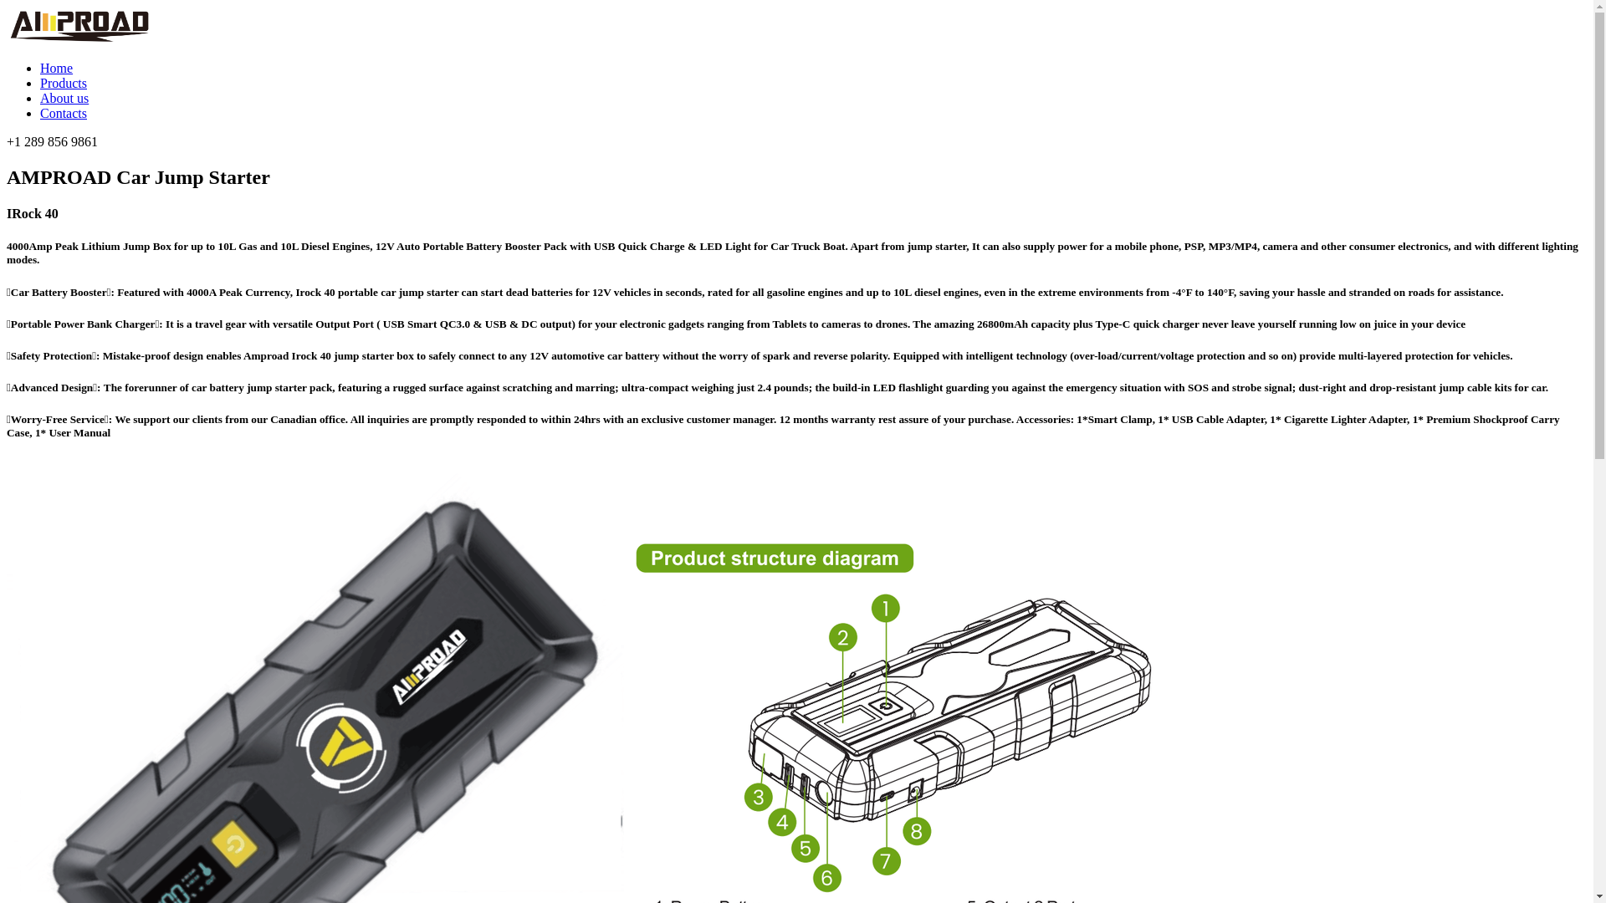  Describe the element at coordinates (56, 67) in the screenshot. I see `'Home'` at that location.